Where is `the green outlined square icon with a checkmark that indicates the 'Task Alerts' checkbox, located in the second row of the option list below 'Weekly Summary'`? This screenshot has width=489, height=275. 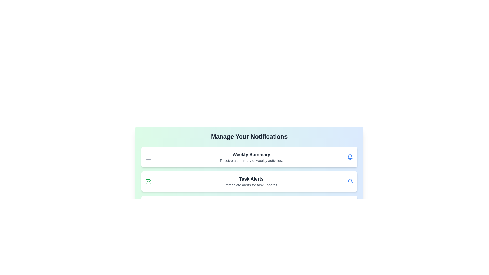
the green outlined square icon with a checkmark that indicates the 'Task Alerts' checkbox, located in the second row of the option list below 'Weekly Summary' is located at coordinates (148, 181).